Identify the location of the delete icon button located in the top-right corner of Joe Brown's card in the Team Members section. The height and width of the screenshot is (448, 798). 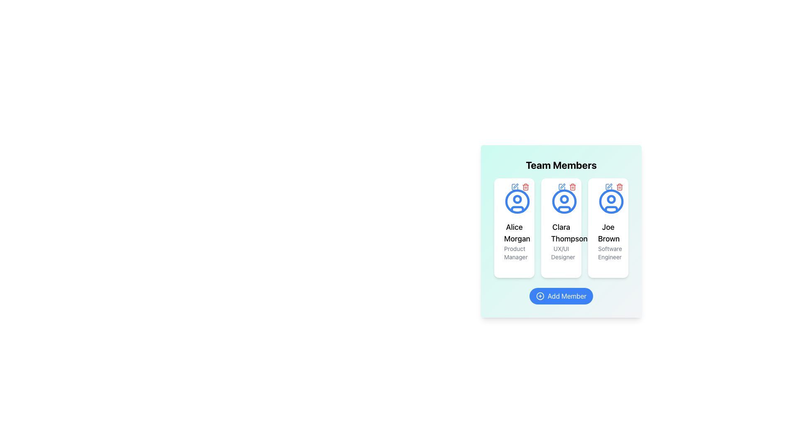
(620, 187).